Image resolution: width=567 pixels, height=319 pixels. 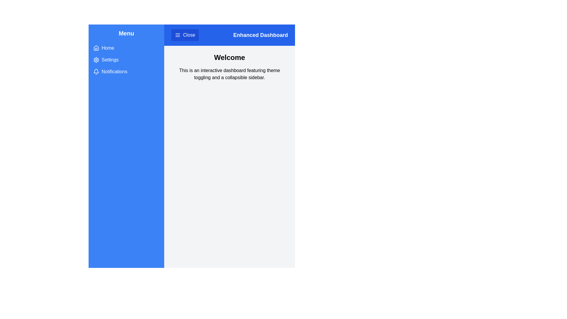 I want to click on the 'Menu' title located at the top of the vertical sidebar with a blue background, which is styled in bold and larger font size, so click(x=126, y=33).